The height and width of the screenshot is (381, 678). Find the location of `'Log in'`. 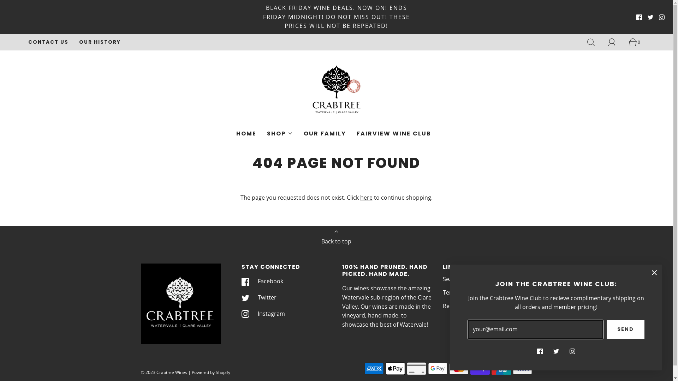

'Log in' is located at coordinates (615, 42).